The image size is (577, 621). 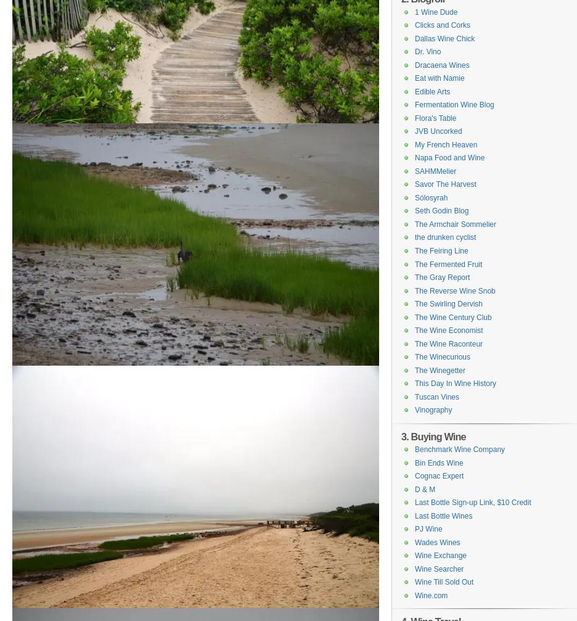 What do you see at coordinates (414, 131) in the screenshot?
I see `'JVB Uncorked'` at bounding box center [414, 131].